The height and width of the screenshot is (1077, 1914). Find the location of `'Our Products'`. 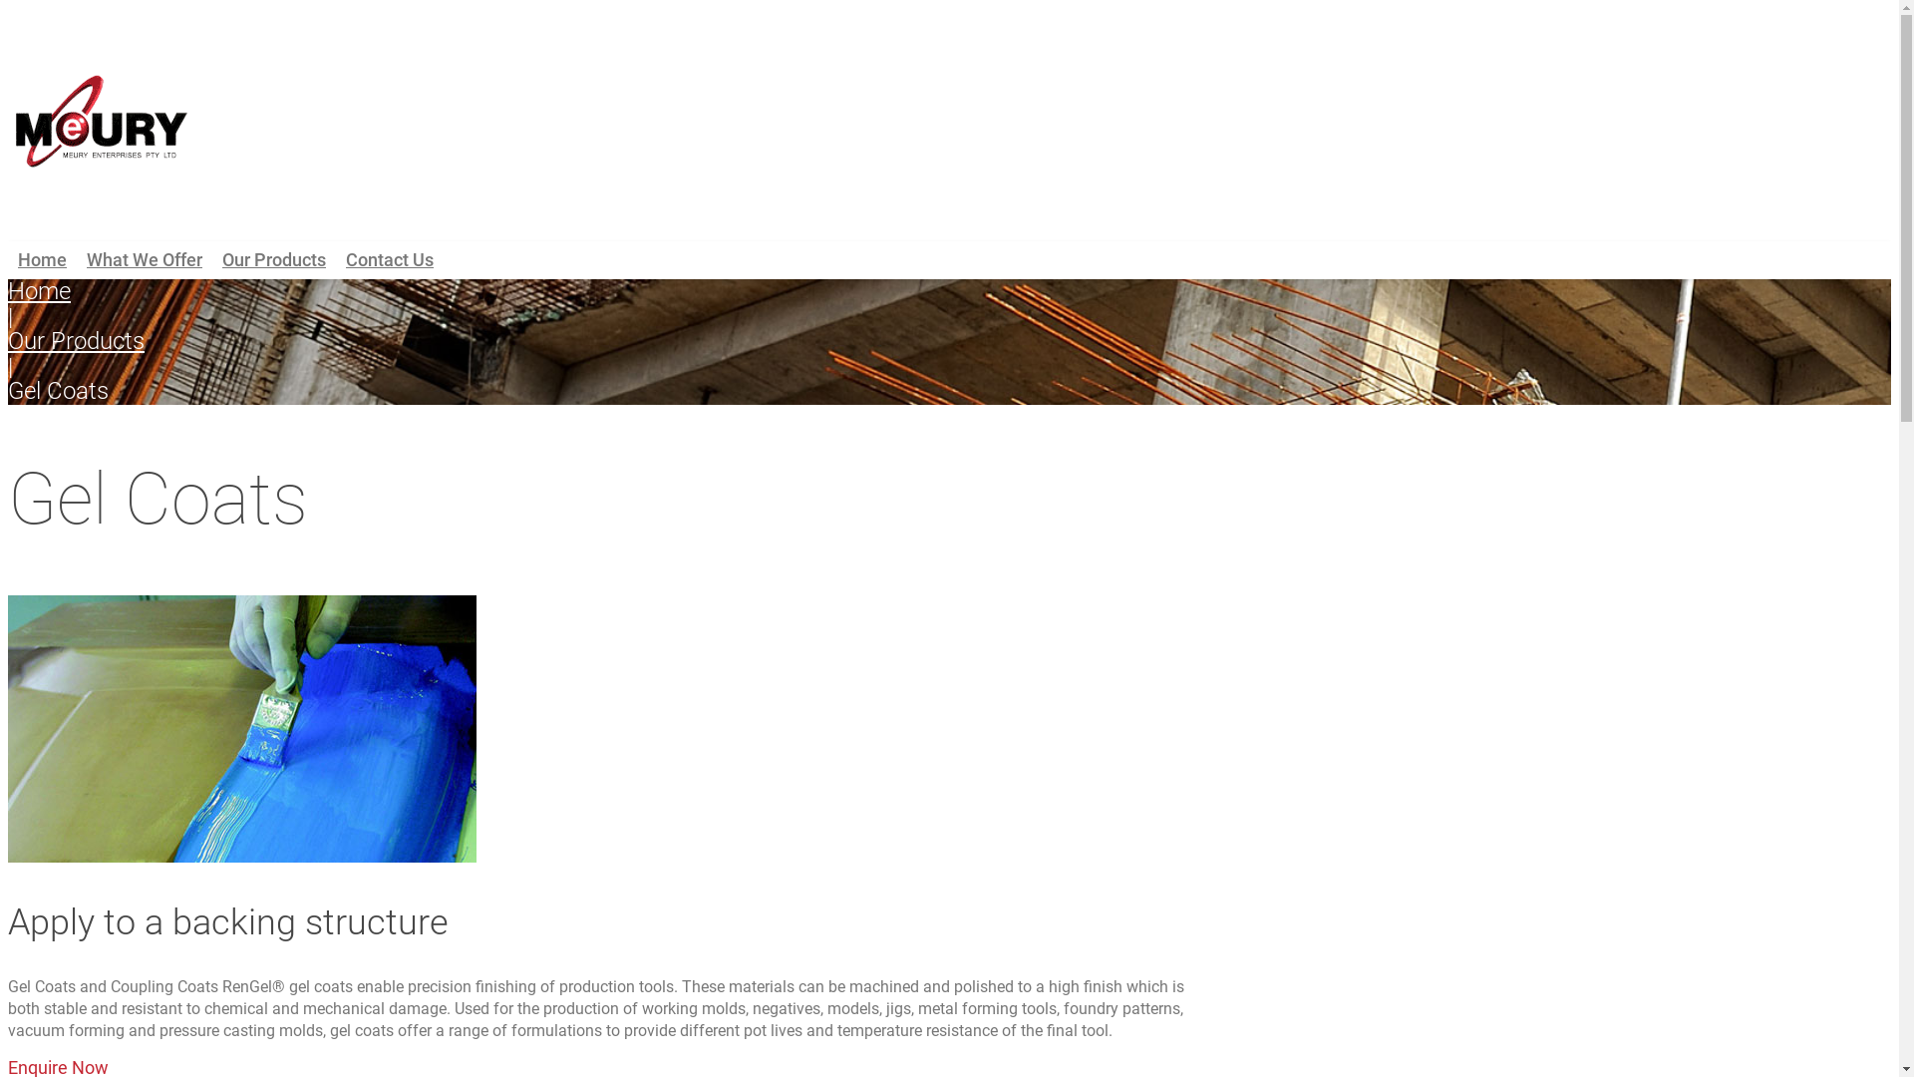

'Our Products' is located at coordinates (272, 259).